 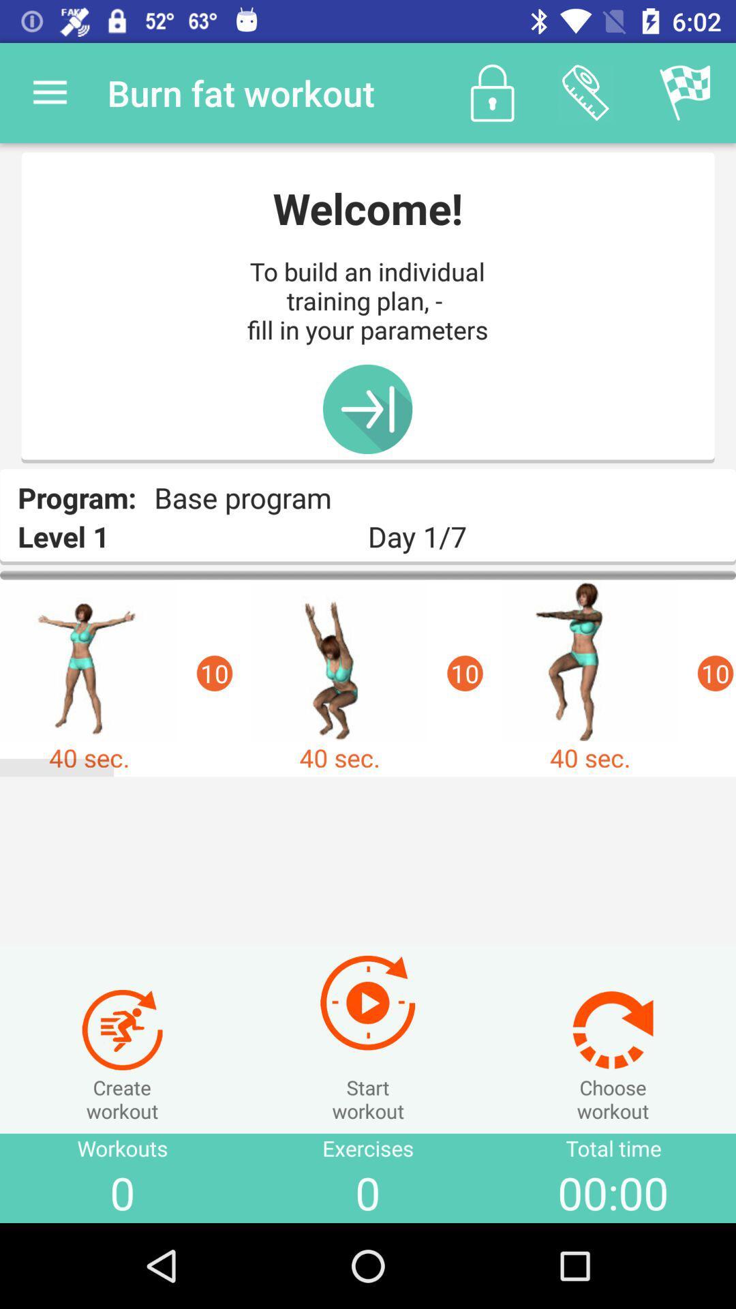 I want to click on the app next to the burn fat workout item, so click(x=49, y=92).